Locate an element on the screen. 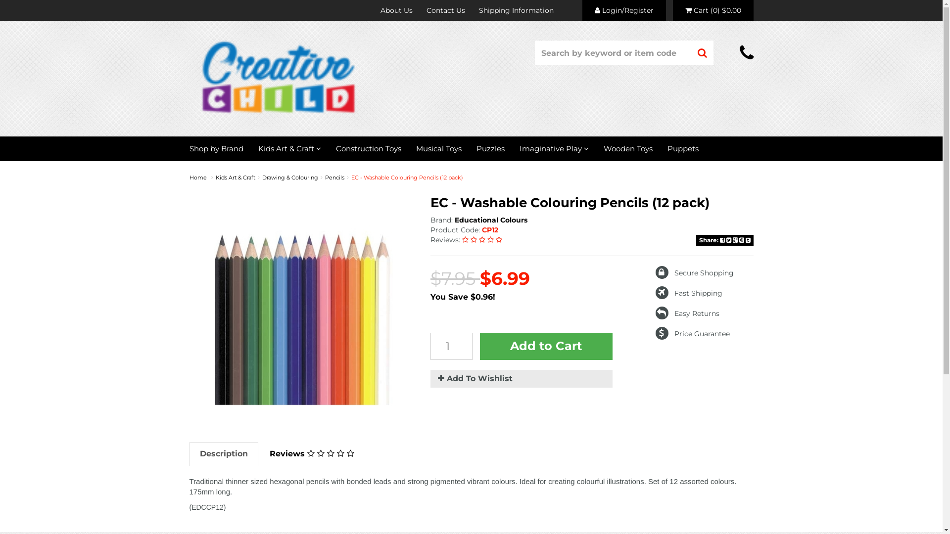 Image resolution: width=950 pixels, height=534 pixels. 'Musical Toys' is located at coordinates (438, 148).